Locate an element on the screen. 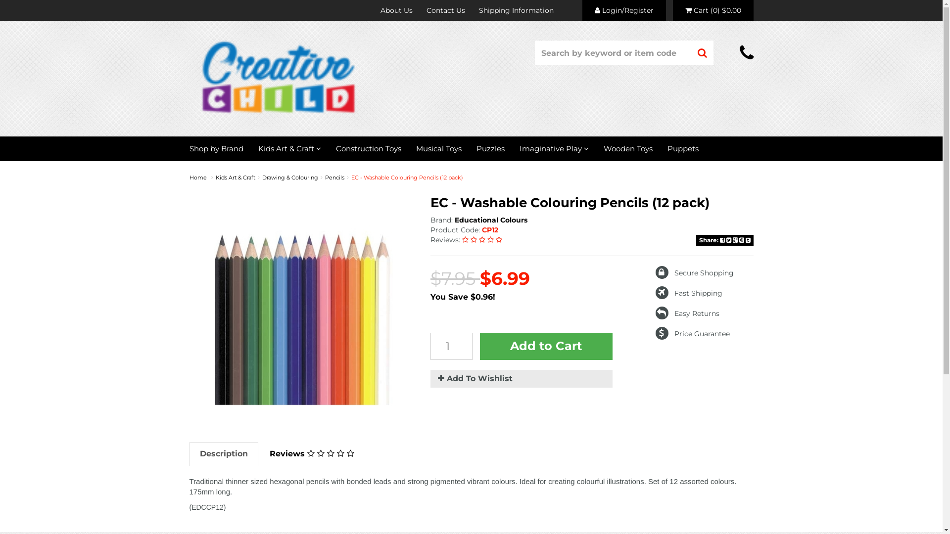 Image resolution: width=950 pixels, height=534 pixels. 'Musical Toys' is located at coordinates (438, 148).